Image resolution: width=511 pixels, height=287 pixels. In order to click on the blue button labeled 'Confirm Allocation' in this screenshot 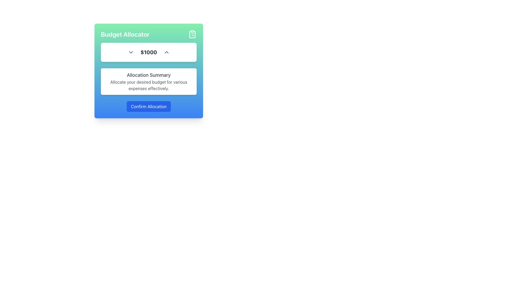, I will do `click(149, 107)`.